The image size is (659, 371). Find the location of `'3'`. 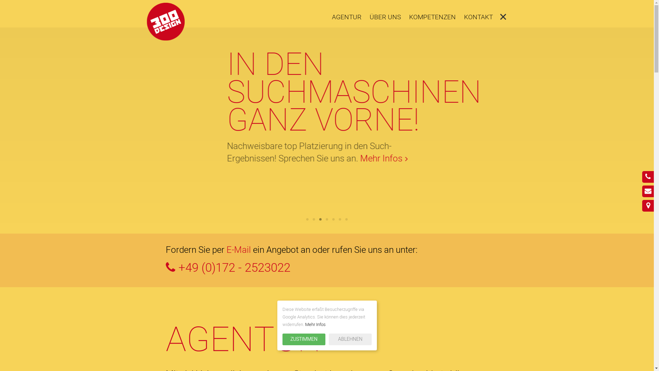

'3' is located at coordinates (319, 219).